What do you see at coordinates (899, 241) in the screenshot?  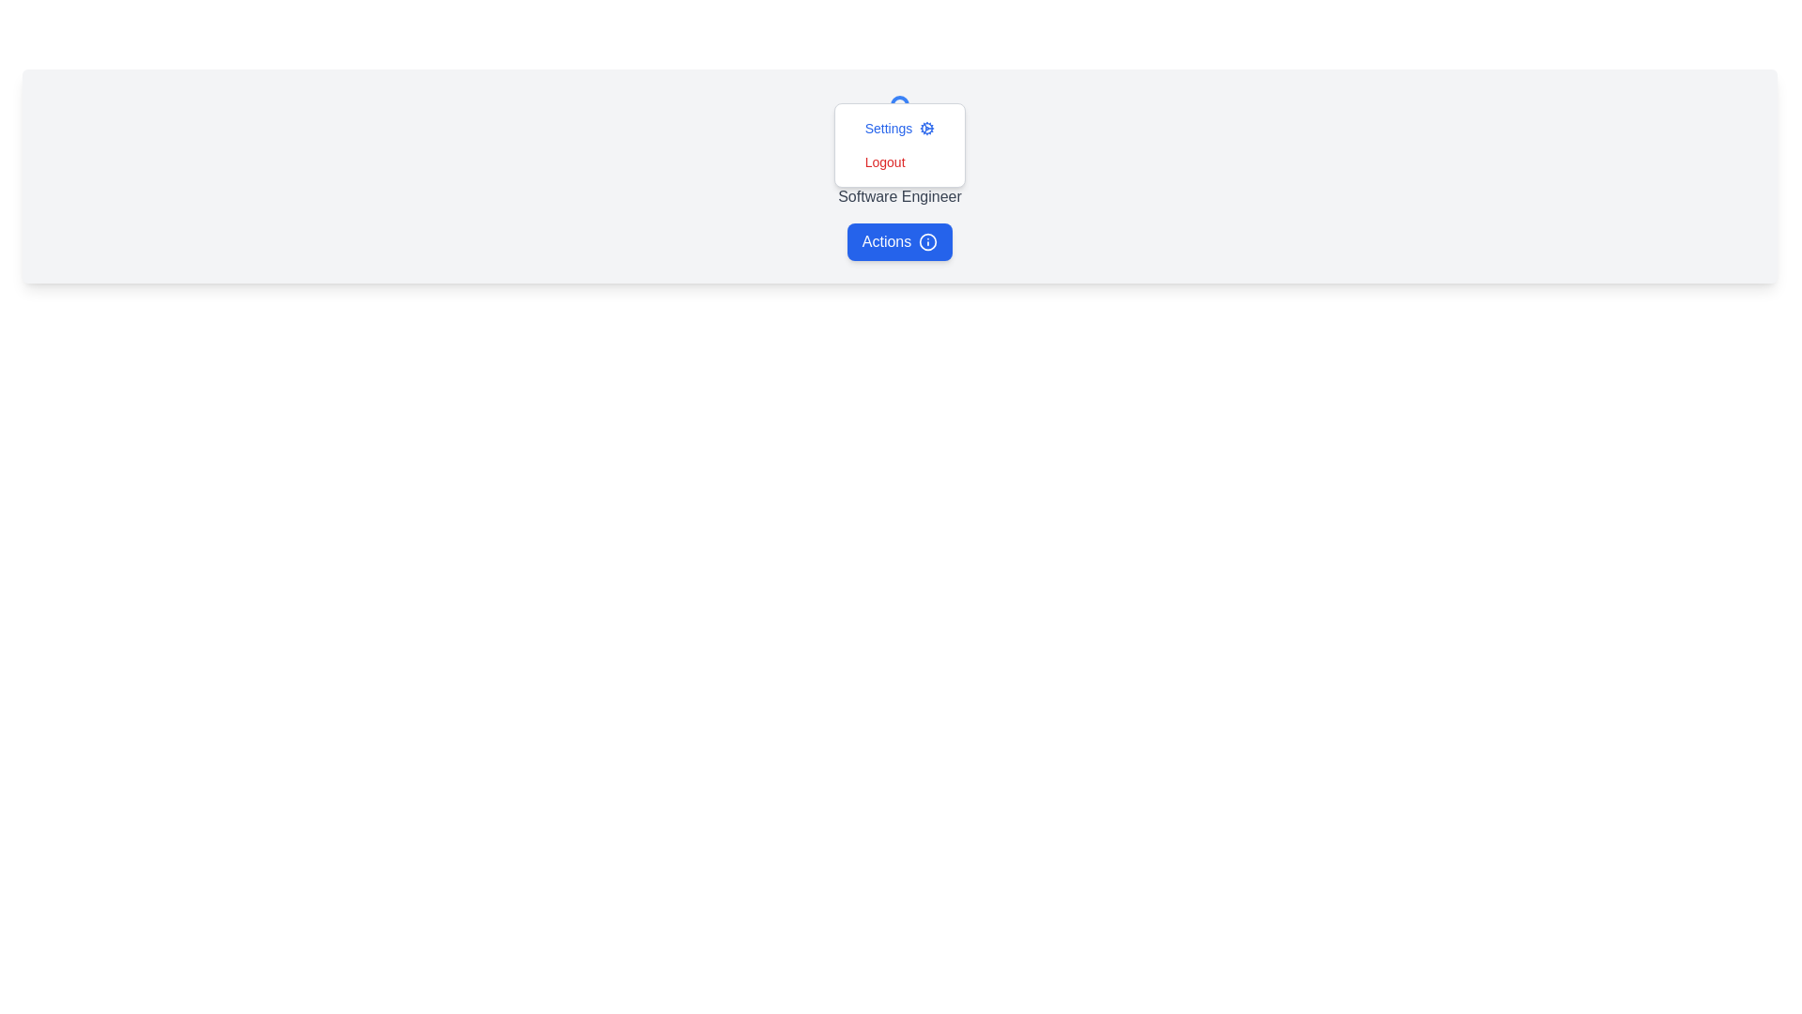 I see `the blue rectangular button with rounded corners located at the bottom of the card layout` at bounding box center [899, 241].